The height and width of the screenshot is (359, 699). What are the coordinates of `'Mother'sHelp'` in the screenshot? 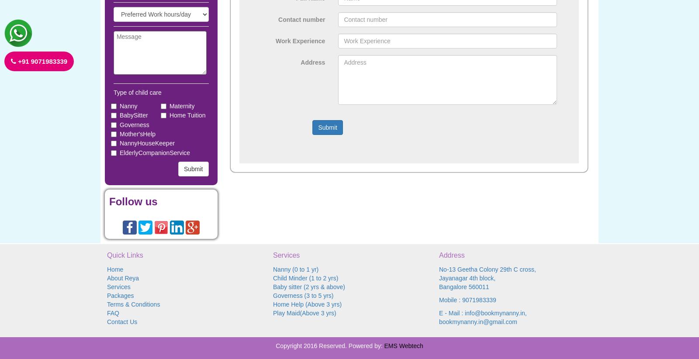 It's located at (138, 134).